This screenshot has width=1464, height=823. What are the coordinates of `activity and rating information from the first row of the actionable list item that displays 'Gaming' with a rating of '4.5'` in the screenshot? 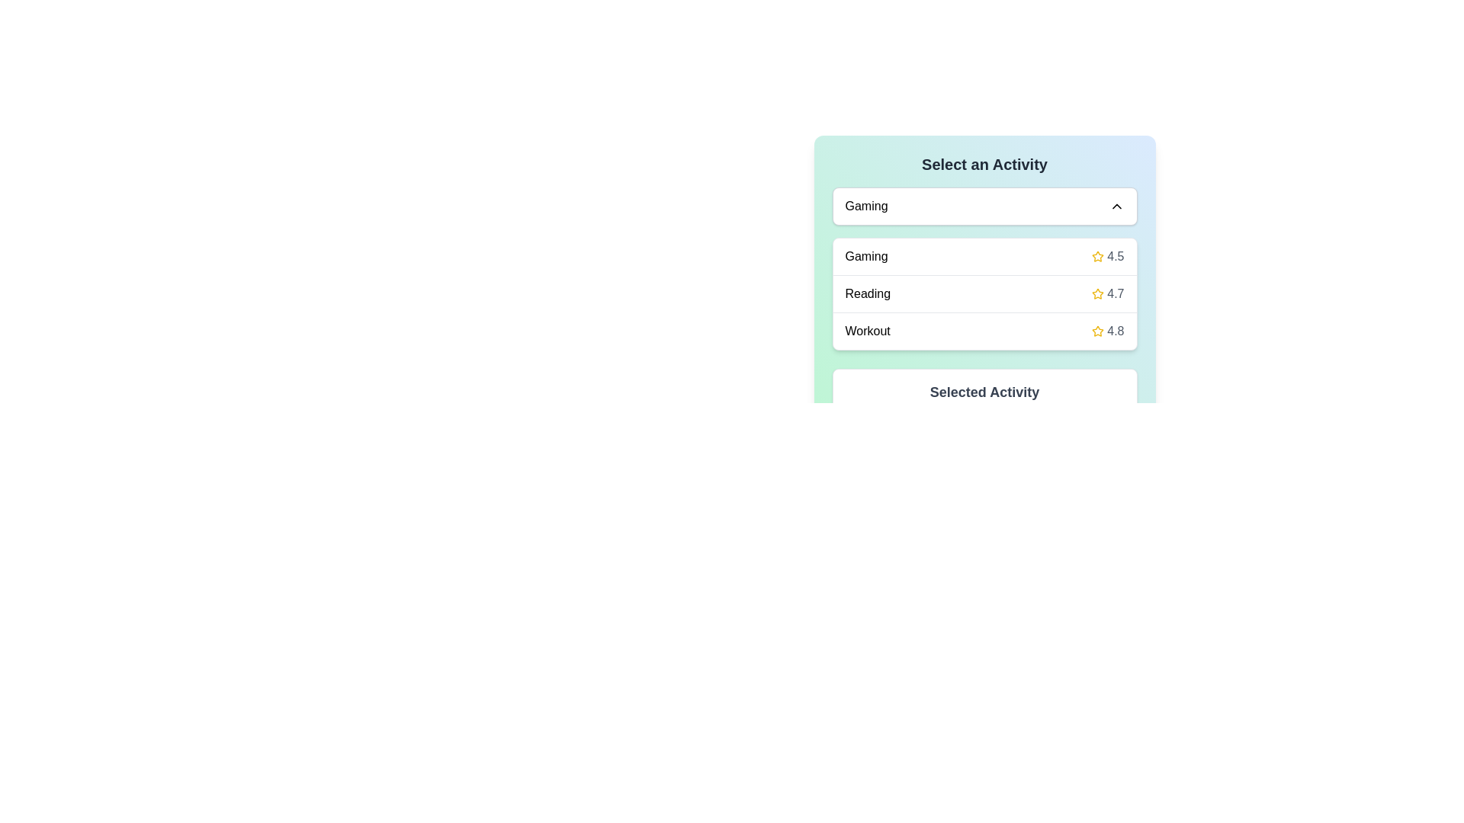 It's located at (984, 255).